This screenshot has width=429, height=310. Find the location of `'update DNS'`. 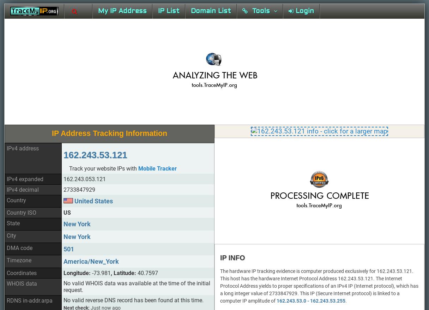

'update DNS' is located at coordinates (86, 177).